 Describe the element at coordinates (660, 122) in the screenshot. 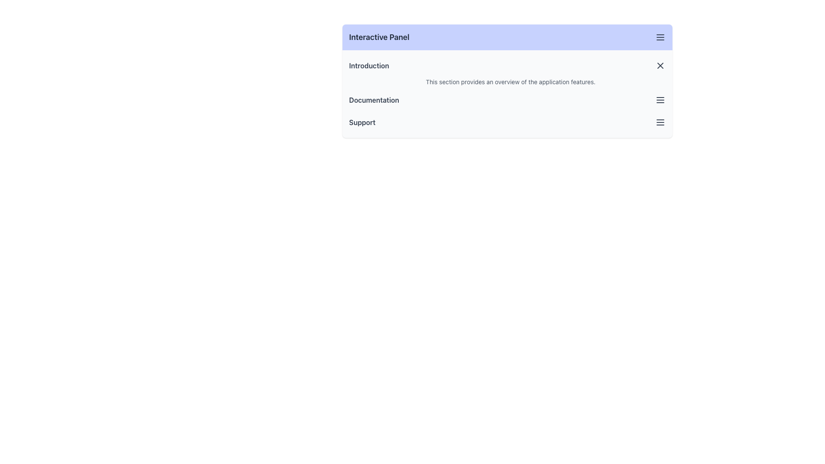

I see `the menu icon, which is a vertically aligned triple-bar icon located to the right of the 'Support' section` at that location.